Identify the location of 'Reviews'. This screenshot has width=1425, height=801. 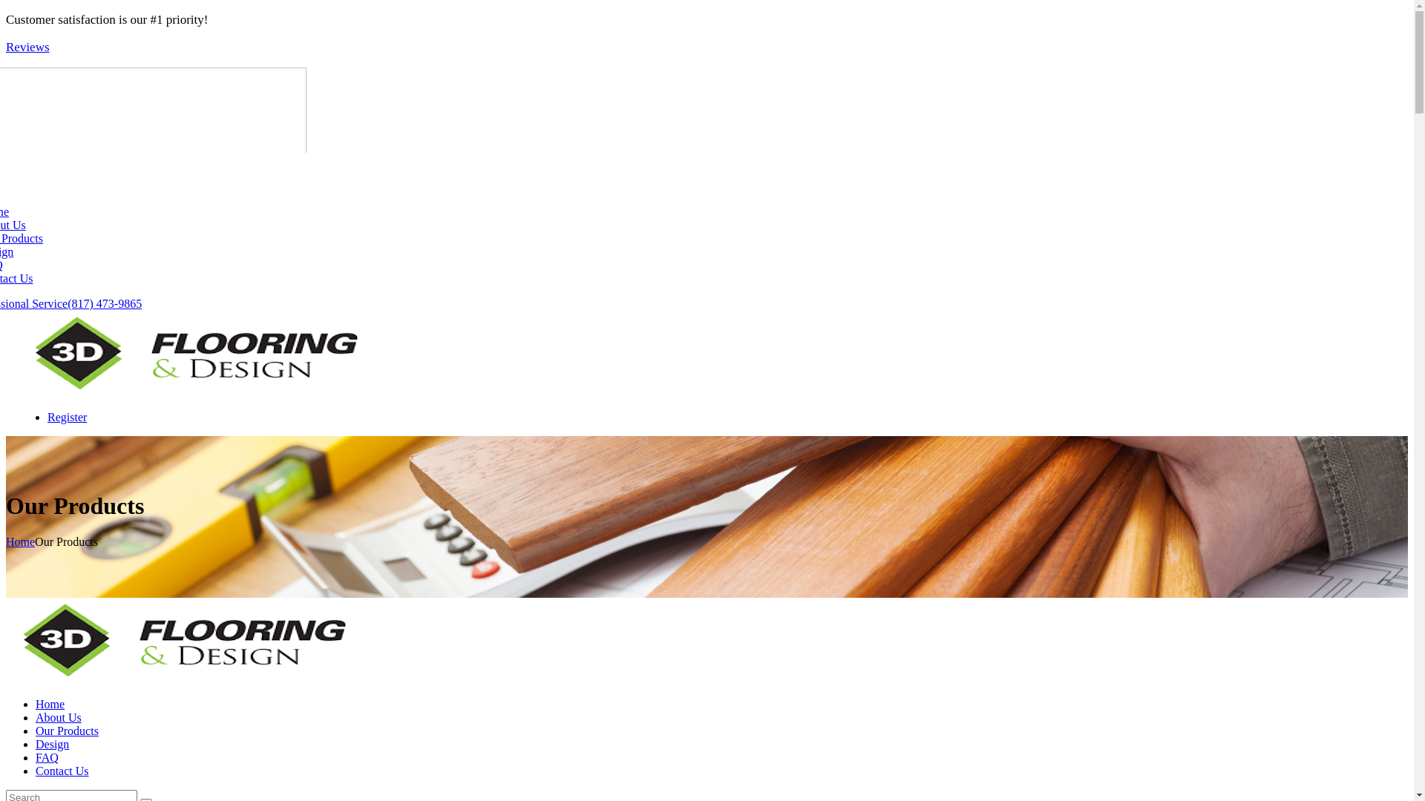
(27, 46).